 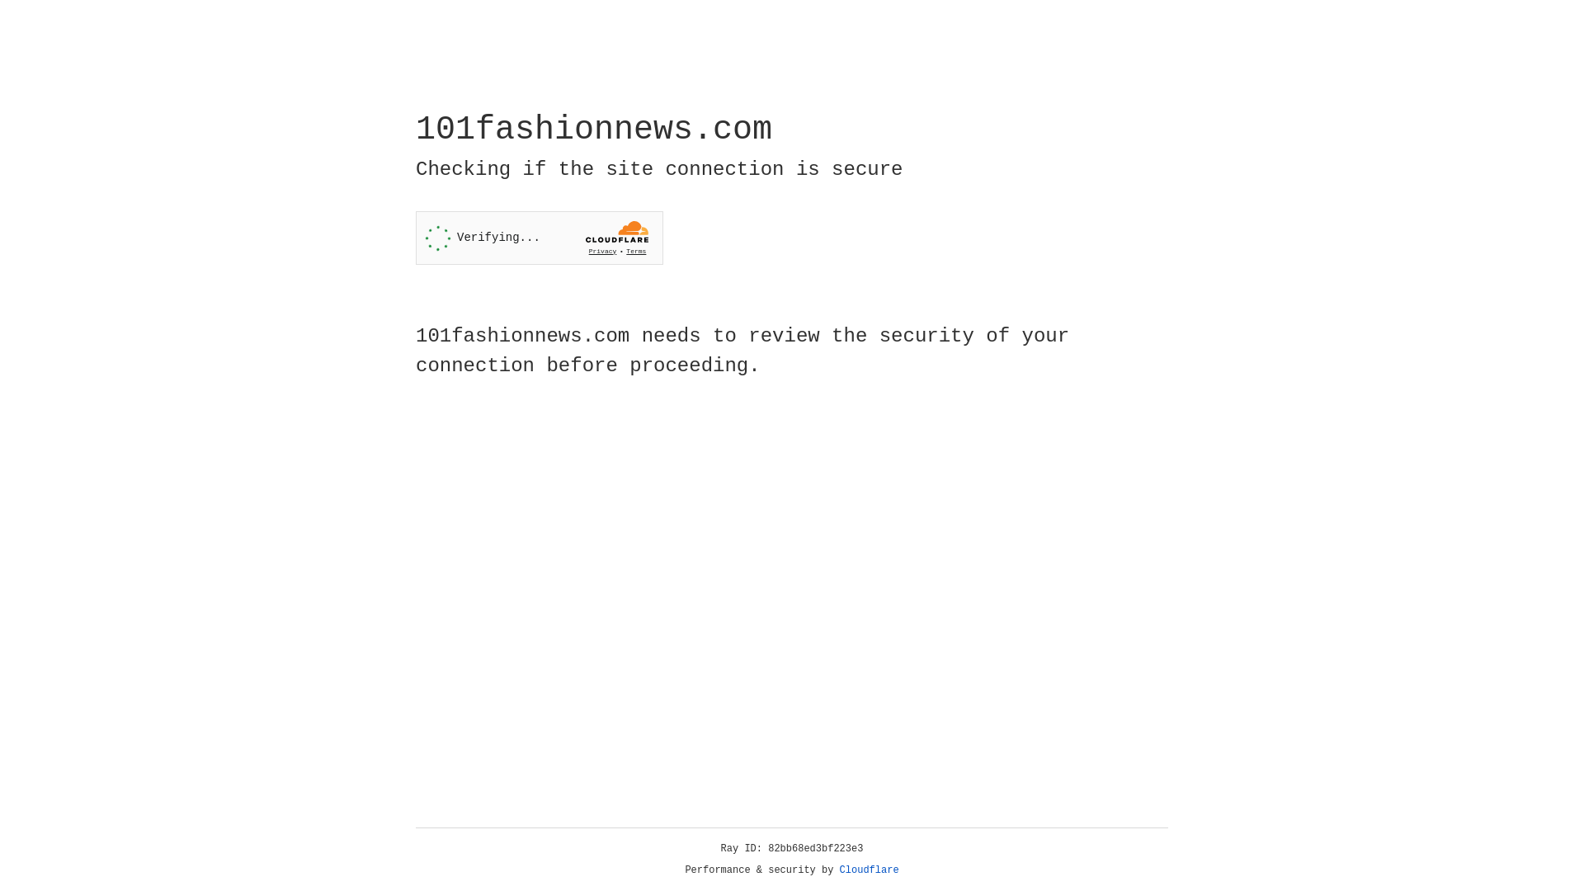 What do you see at coordinates (539, 238) in the screenshot?
I see `'Widget containing a Cloudflare security challenge'` at bounding box center [539, 238].